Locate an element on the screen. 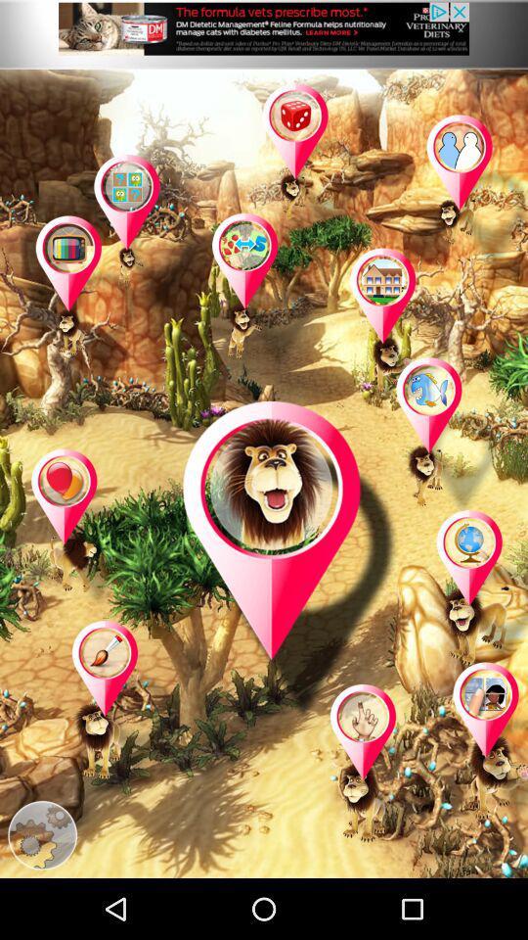  open location is located at coordinates (88, 296).